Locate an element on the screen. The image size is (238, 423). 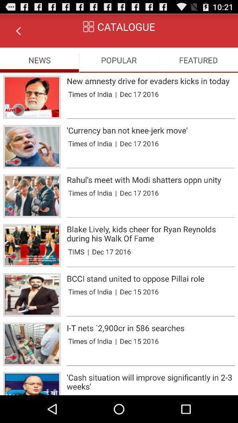
the item to the right of news is located at coordinates (119, 59).